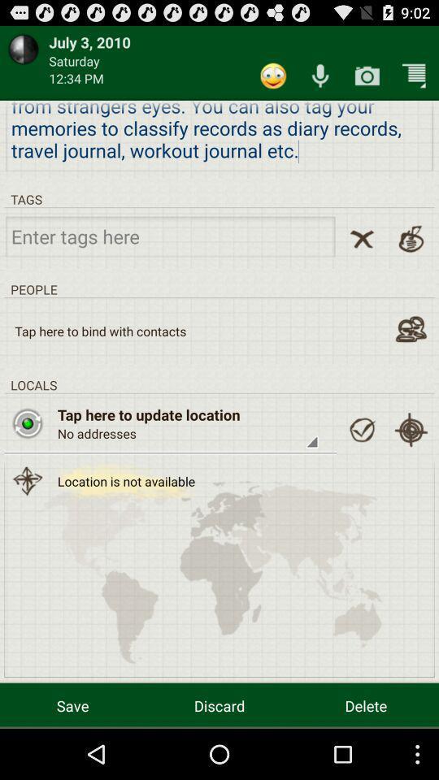 This screenshot has height=780, width=439. What do you see at coordinates (367, 80) in the screenshot?
I see `the photo icon` at bounding box center [367, 80].